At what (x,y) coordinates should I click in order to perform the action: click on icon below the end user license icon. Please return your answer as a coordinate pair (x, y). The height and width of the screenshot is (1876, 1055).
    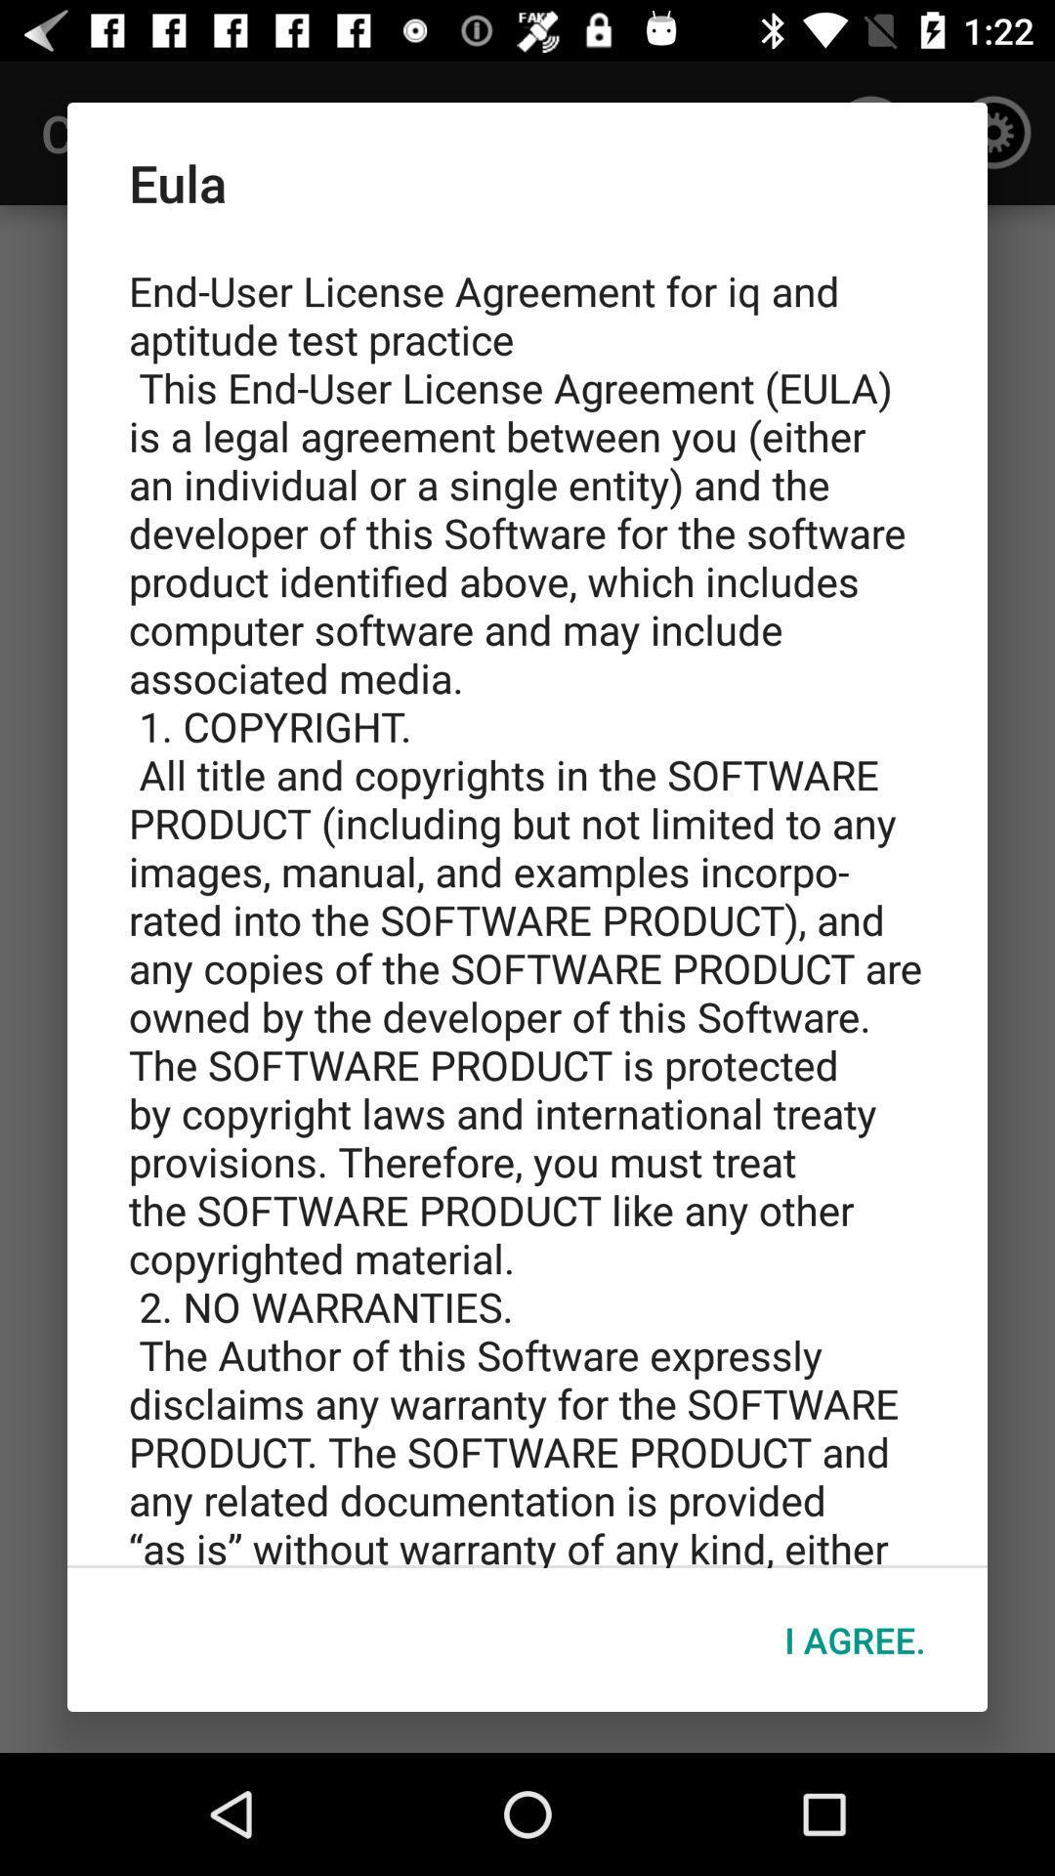
    Looking at the image, I should click on (854, 1640).